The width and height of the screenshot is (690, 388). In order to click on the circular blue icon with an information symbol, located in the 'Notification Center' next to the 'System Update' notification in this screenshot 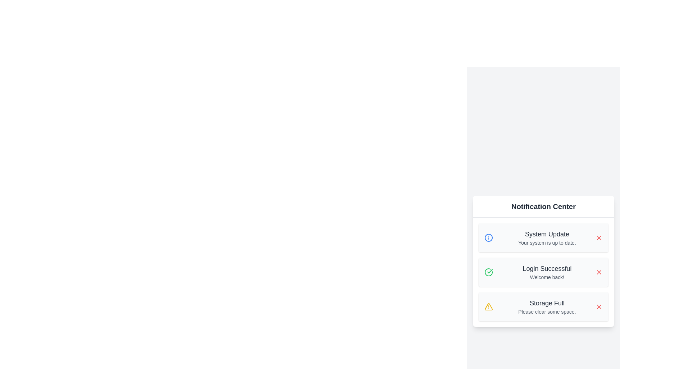, I will do `click(488, 237)`.